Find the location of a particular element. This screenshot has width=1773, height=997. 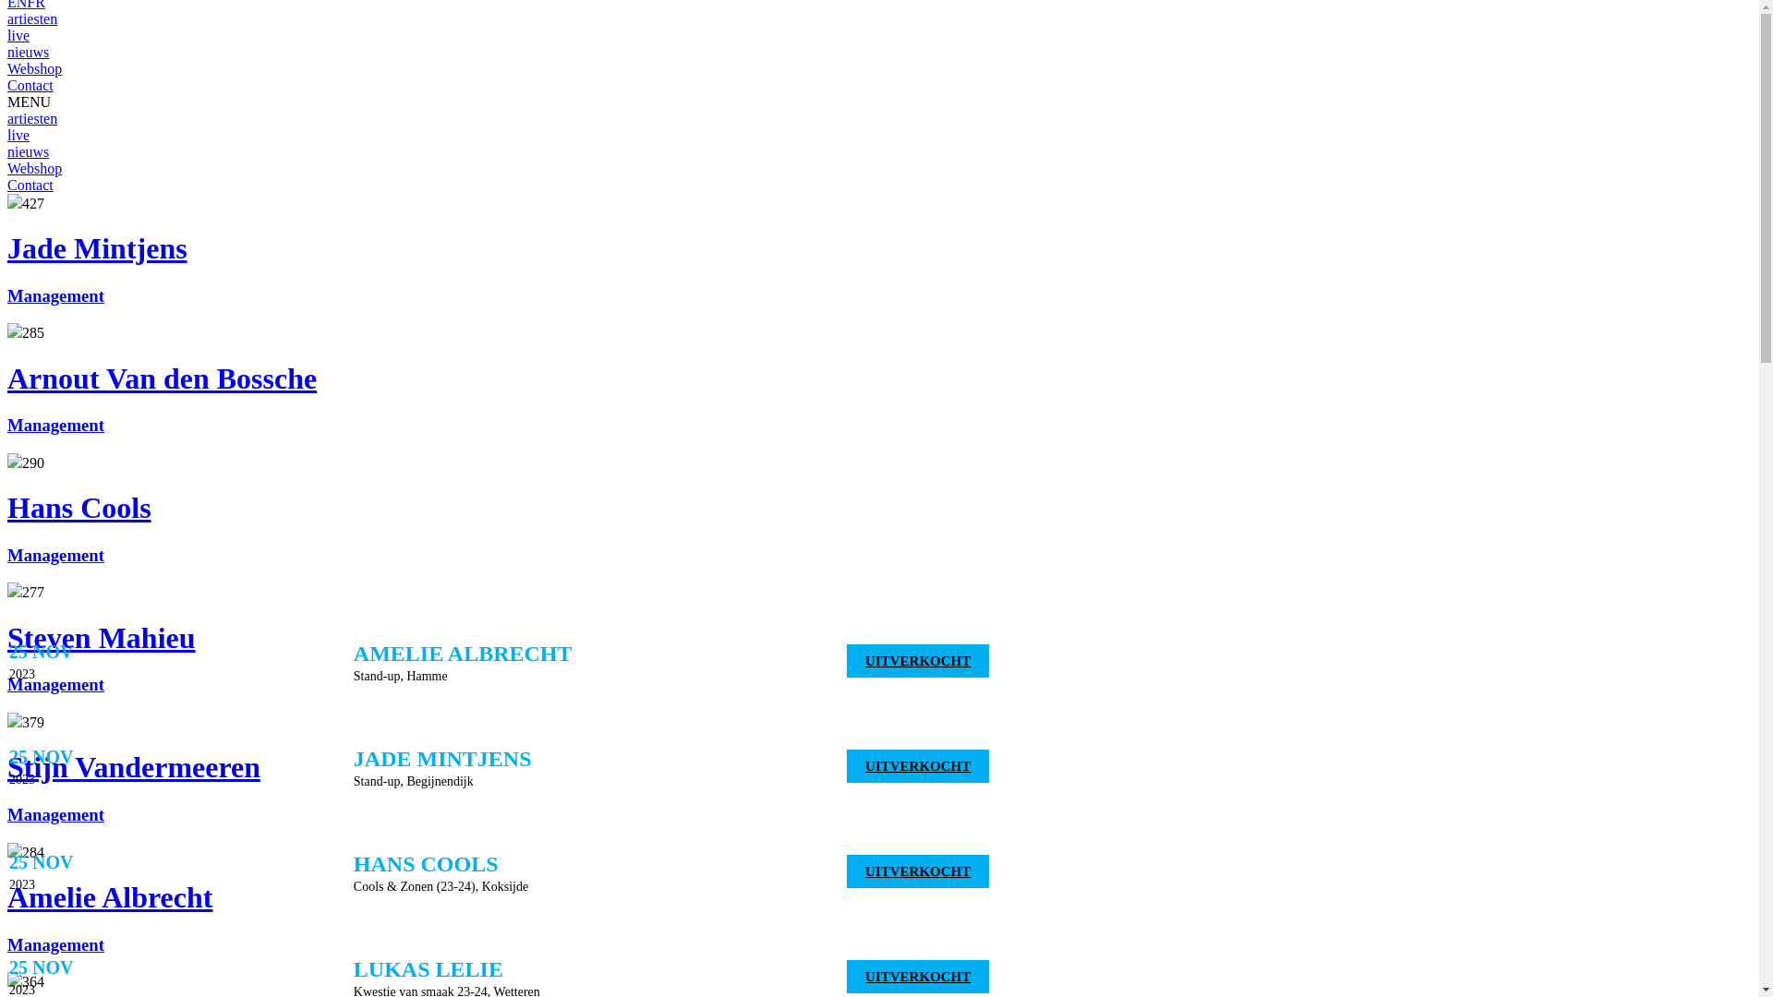

'artiesten' is located at coordinates (31, 118).